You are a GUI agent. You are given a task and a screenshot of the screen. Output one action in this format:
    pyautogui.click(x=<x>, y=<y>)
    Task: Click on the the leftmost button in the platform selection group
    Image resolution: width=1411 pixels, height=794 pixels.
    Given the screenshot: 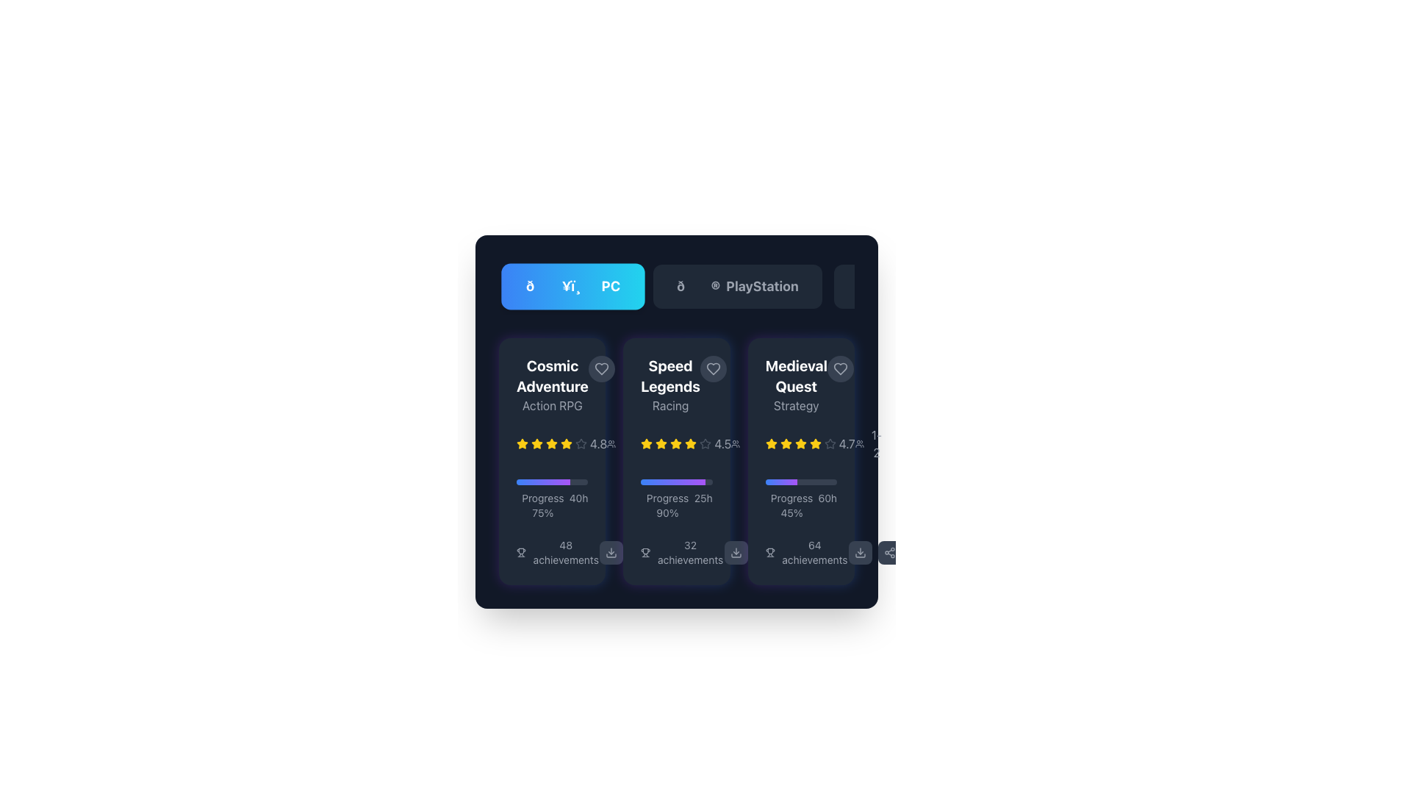 What is the action you would take?
    pyautogui.click(x=572, y=286)
    